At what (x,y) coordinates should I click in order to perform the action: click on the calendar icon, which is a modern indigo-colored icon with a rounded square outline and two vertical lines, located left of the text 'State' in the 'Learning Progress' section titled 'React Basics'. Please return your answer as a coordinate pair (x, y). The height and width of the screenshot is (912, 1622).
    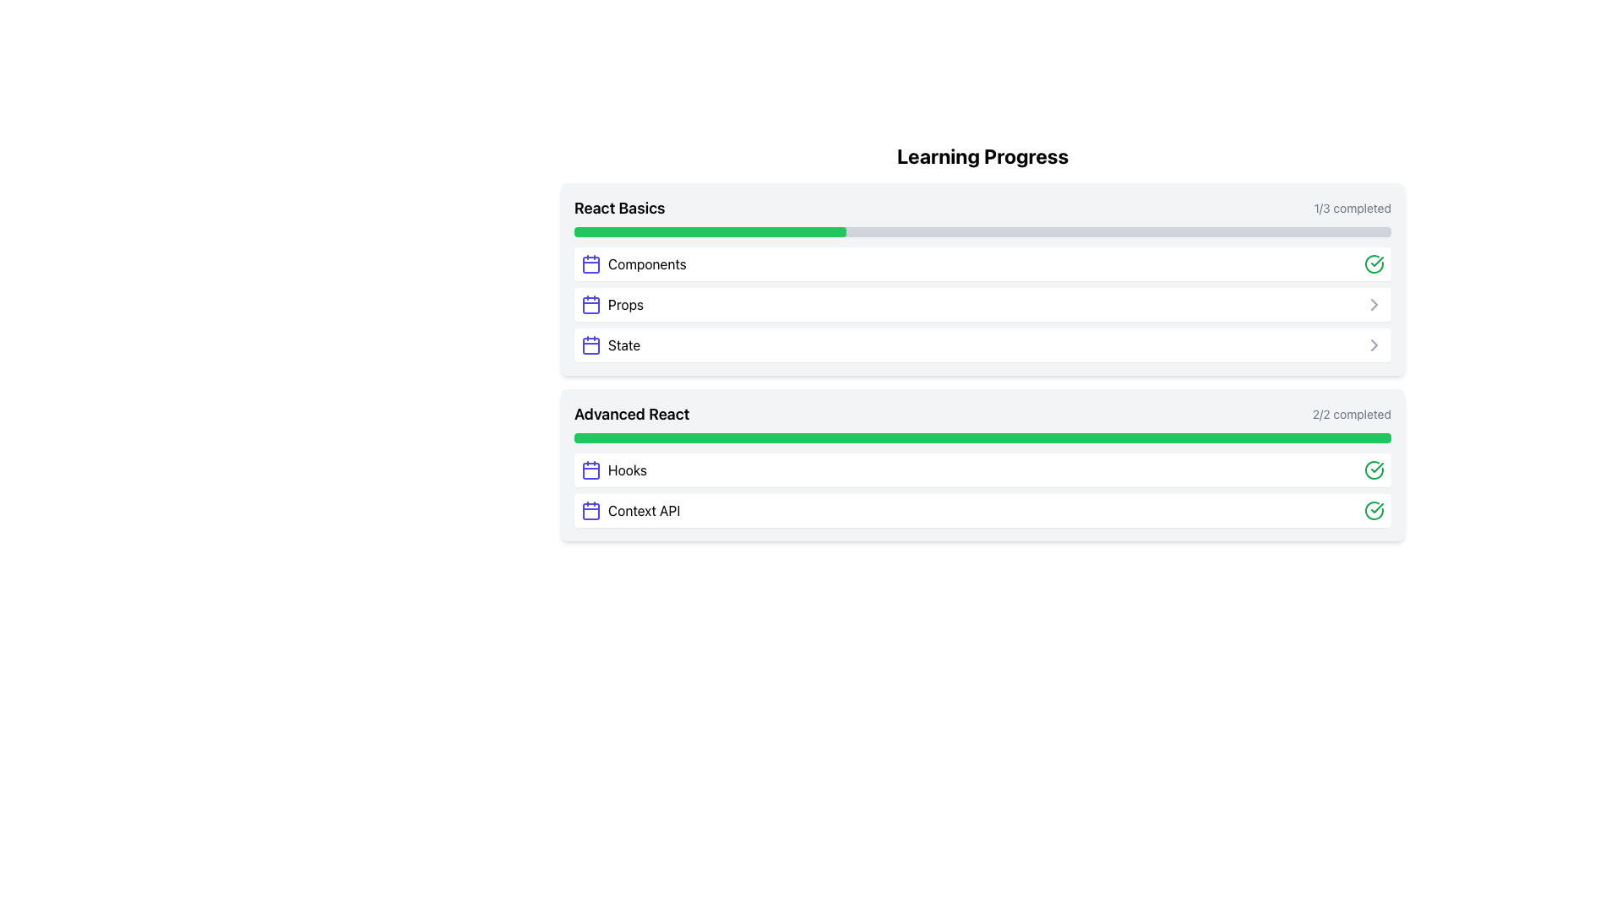
    Looking at the image, I should click on (591, 344).